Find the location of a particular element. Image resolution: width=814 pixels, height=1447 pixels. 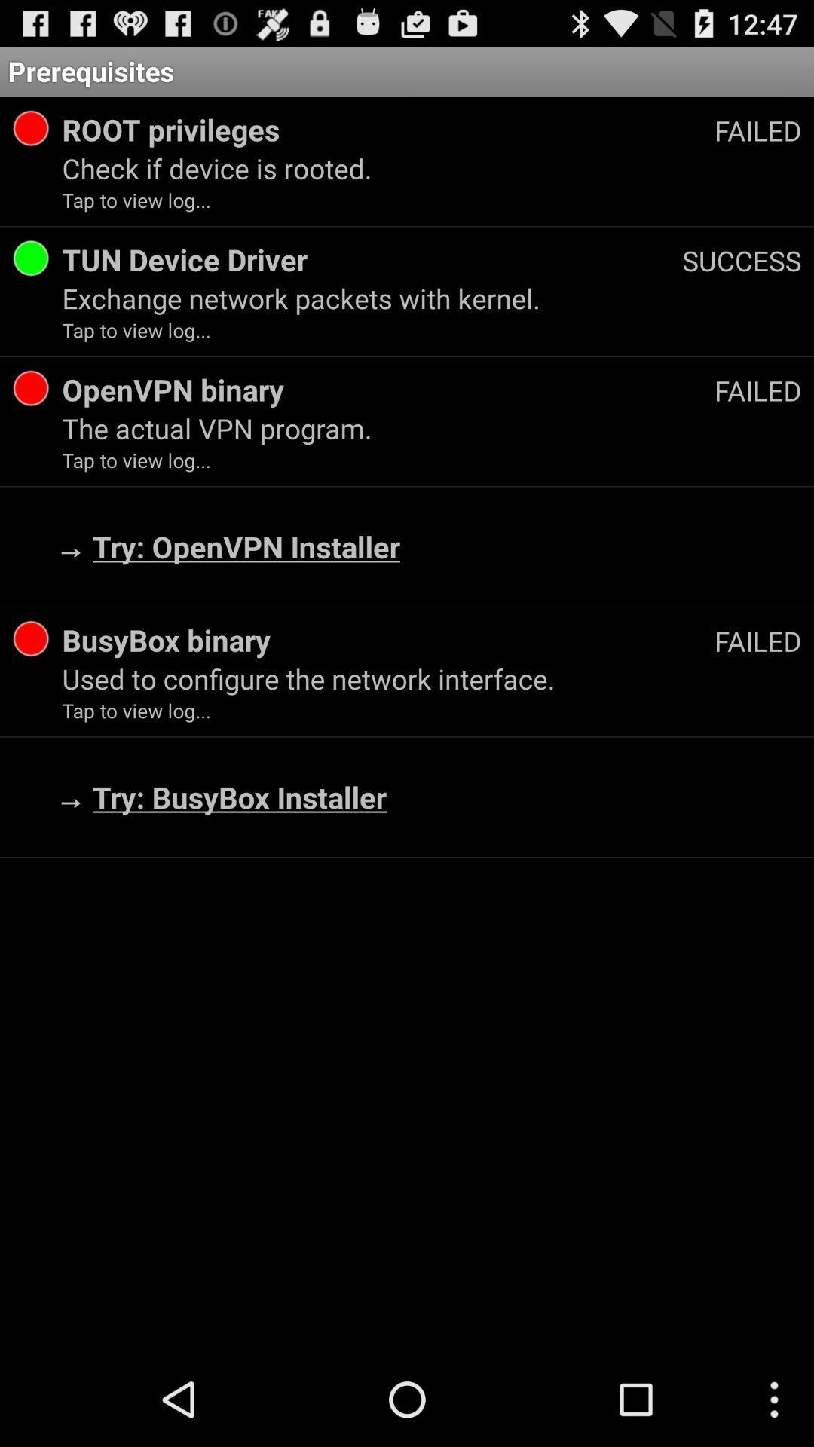

the app next to tun device driver app is located at coordinates (741, 260).